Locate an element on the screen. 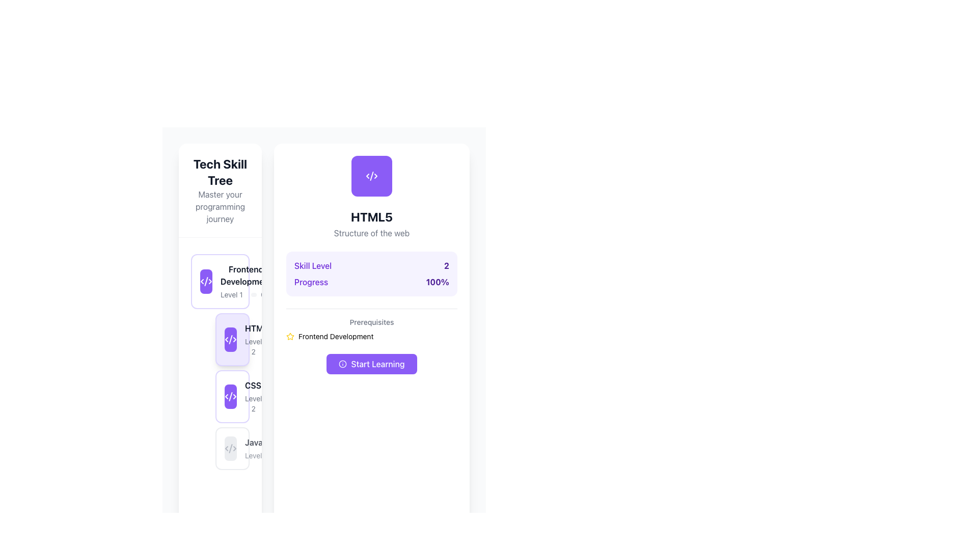 The height and width of the screenshot is (550, 978). the informational button displaying the skill 'JavaScript' located below the 'CSS3 Level' section in the left sidebar is located at coordinates (220, 448).